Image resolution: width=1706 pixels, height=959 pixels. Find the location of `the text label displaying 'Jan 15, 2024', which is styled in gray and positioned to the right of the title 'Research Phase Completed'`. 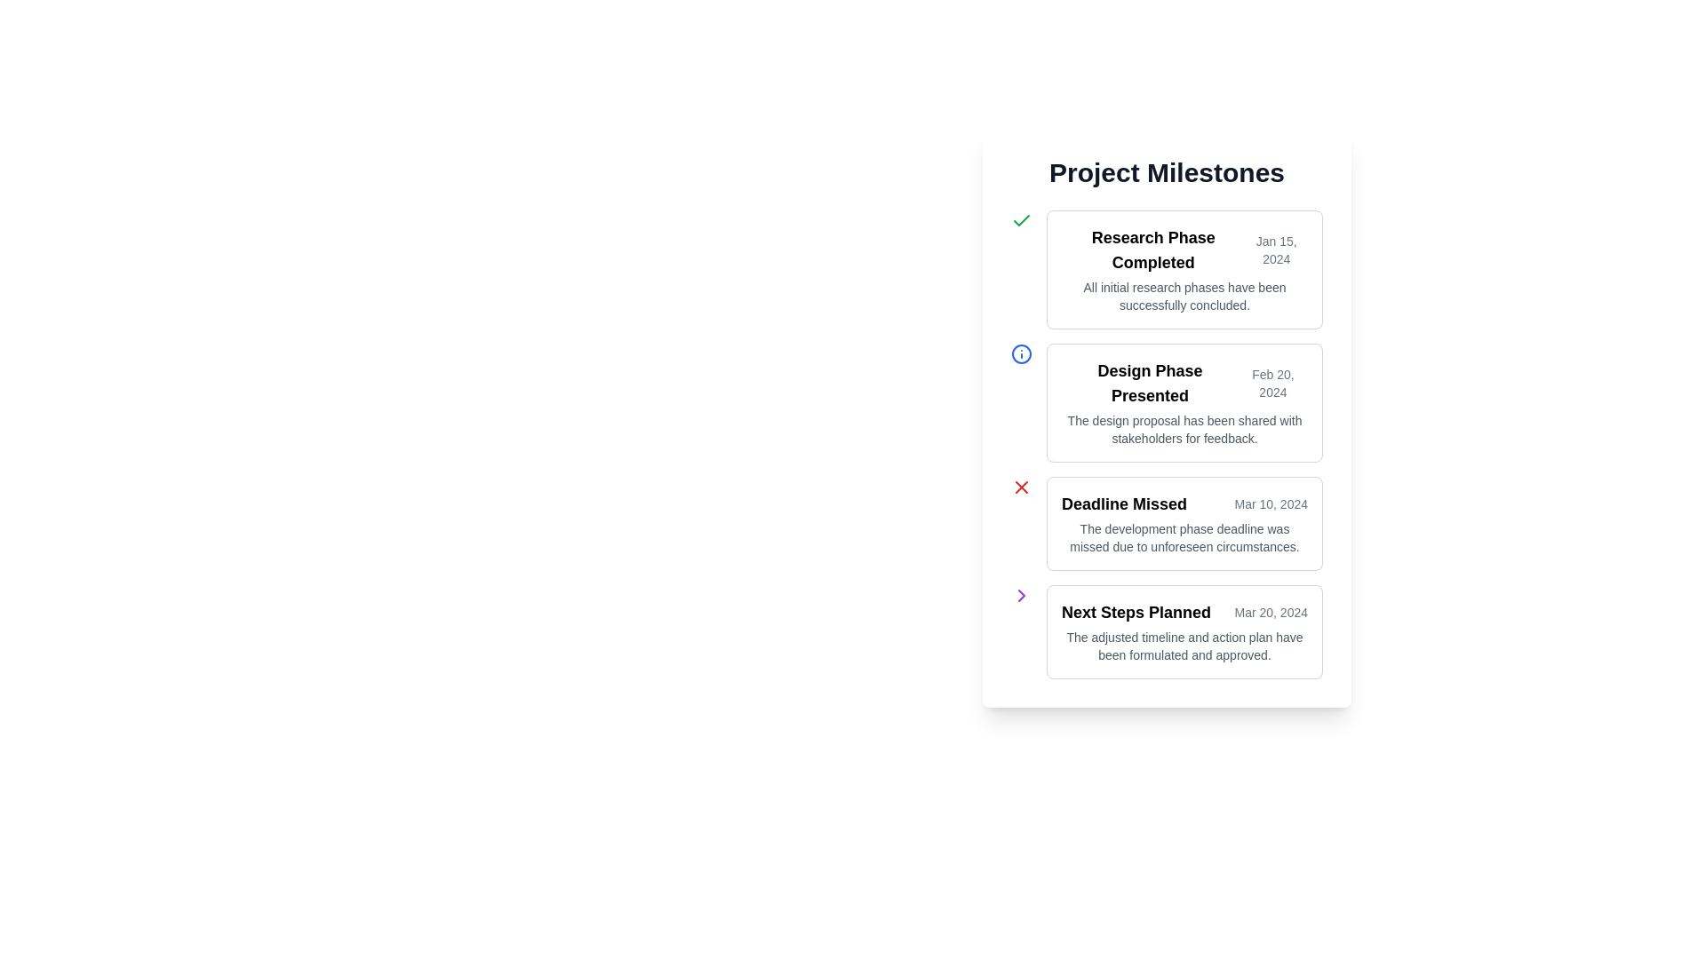

the text label displaying 'Jan 15, 2024', which is styled in gray and positioned to the right of the title 'Research Phase Completed' is located at coordinates (1275, 250).